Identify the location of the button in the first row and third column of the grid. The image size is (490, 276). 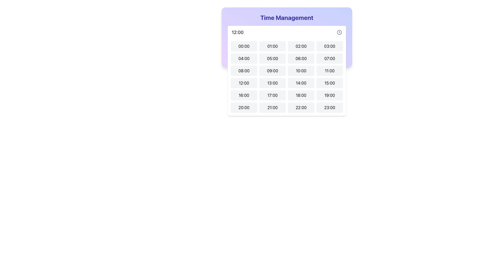
(301, 46).